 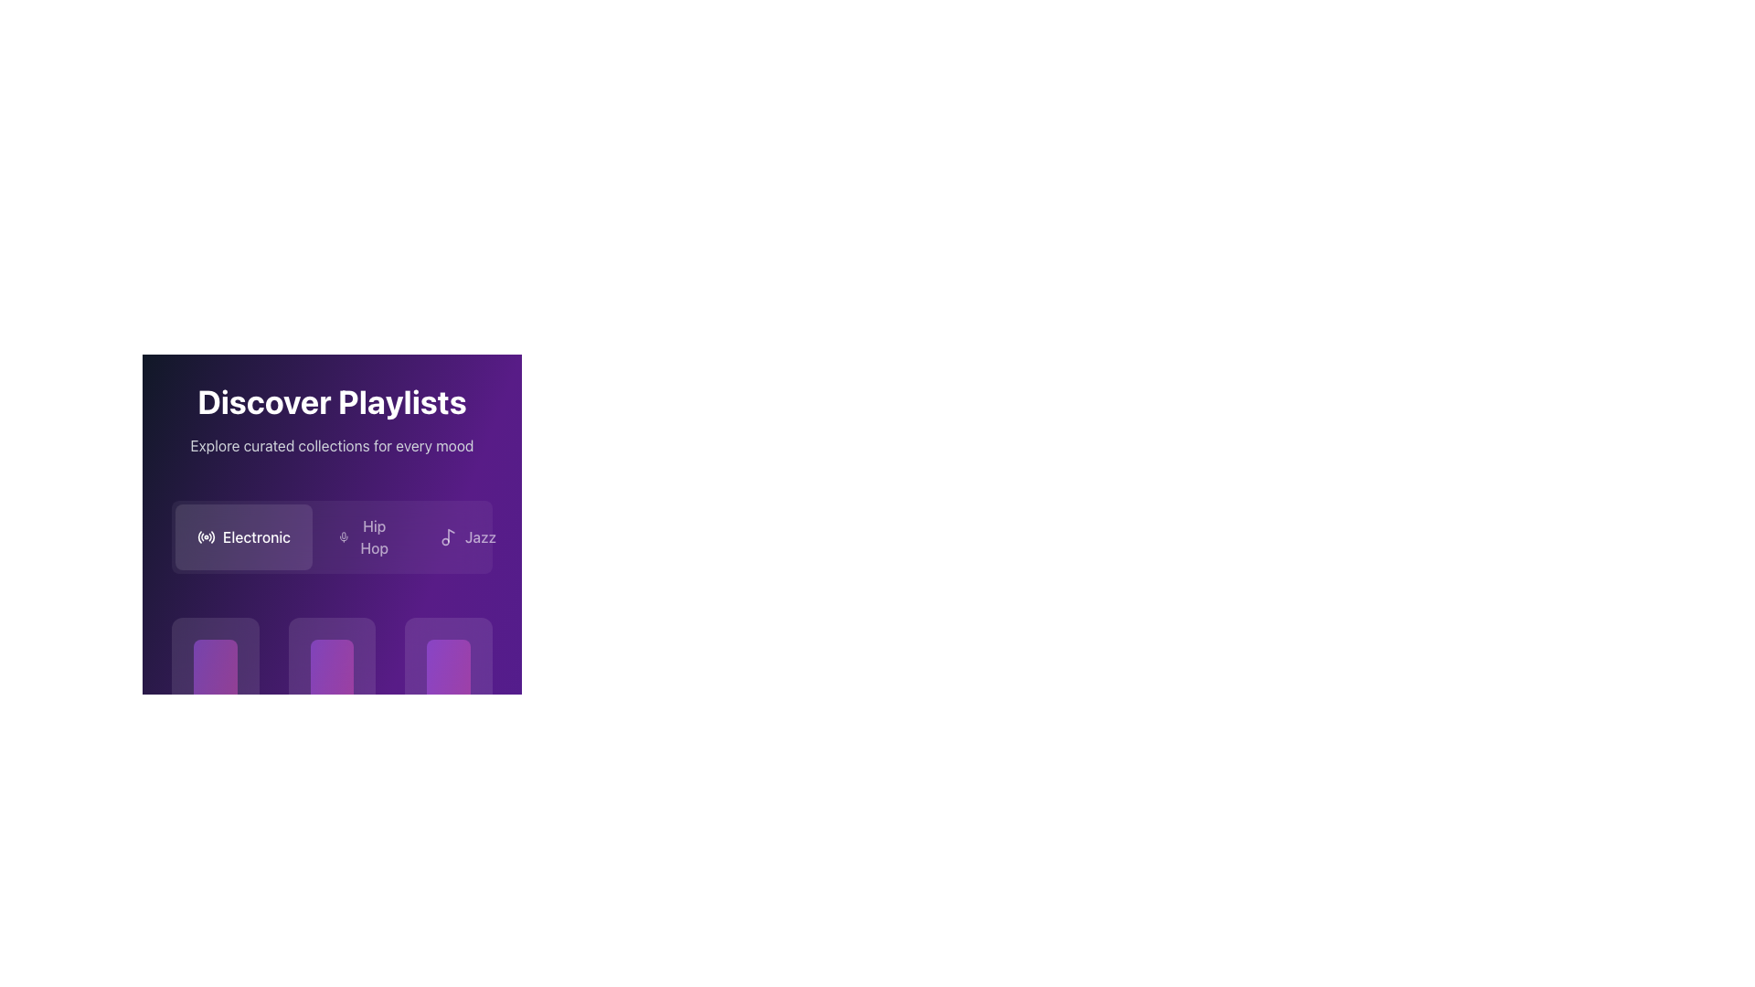 What do you see at coordinates (213, 536) in the screenshot?
I see `the outermost arc of the radio icon located at the bottom-center section of the purple-themed interface, which is the fifth element in the SVG graphic` at bounding box center [213, 536].